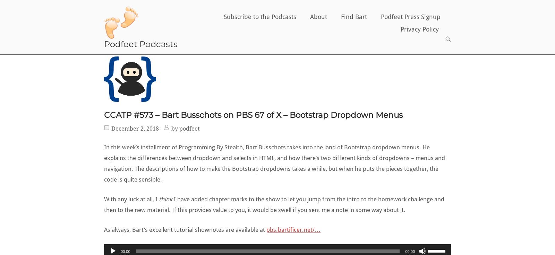 This screenshot has height=255, width=555. I want to click on 'Privacy Policy', so click(401, 29).